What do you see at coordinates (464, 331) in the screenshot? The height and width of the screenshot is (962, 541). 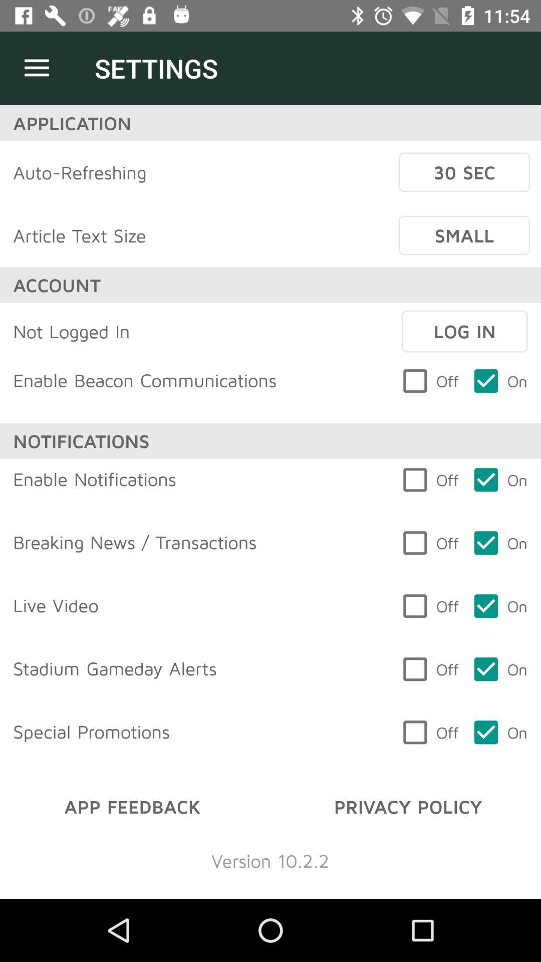 I see `the icon below small` at bounding box center [464, 331].